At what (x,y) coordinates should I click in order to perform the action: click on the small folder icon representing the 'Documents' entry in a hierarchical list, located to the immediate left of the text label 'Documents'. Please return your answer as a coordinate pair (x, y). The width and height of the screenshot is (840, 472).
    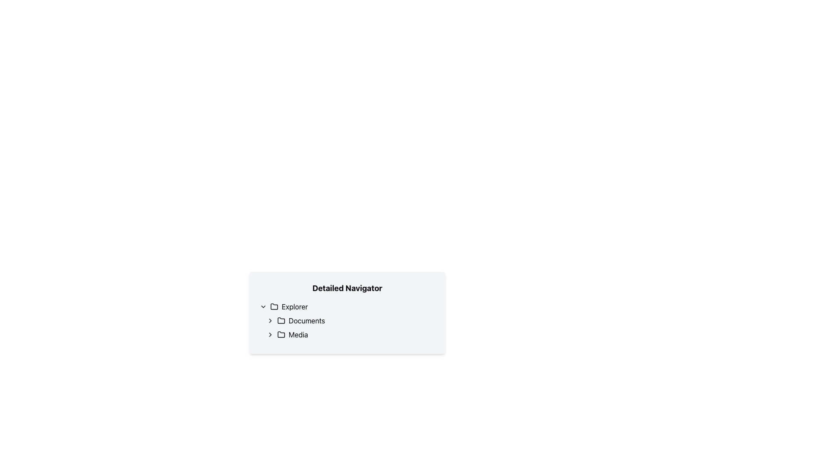
    Looking at the image, I should click on (281, 320).